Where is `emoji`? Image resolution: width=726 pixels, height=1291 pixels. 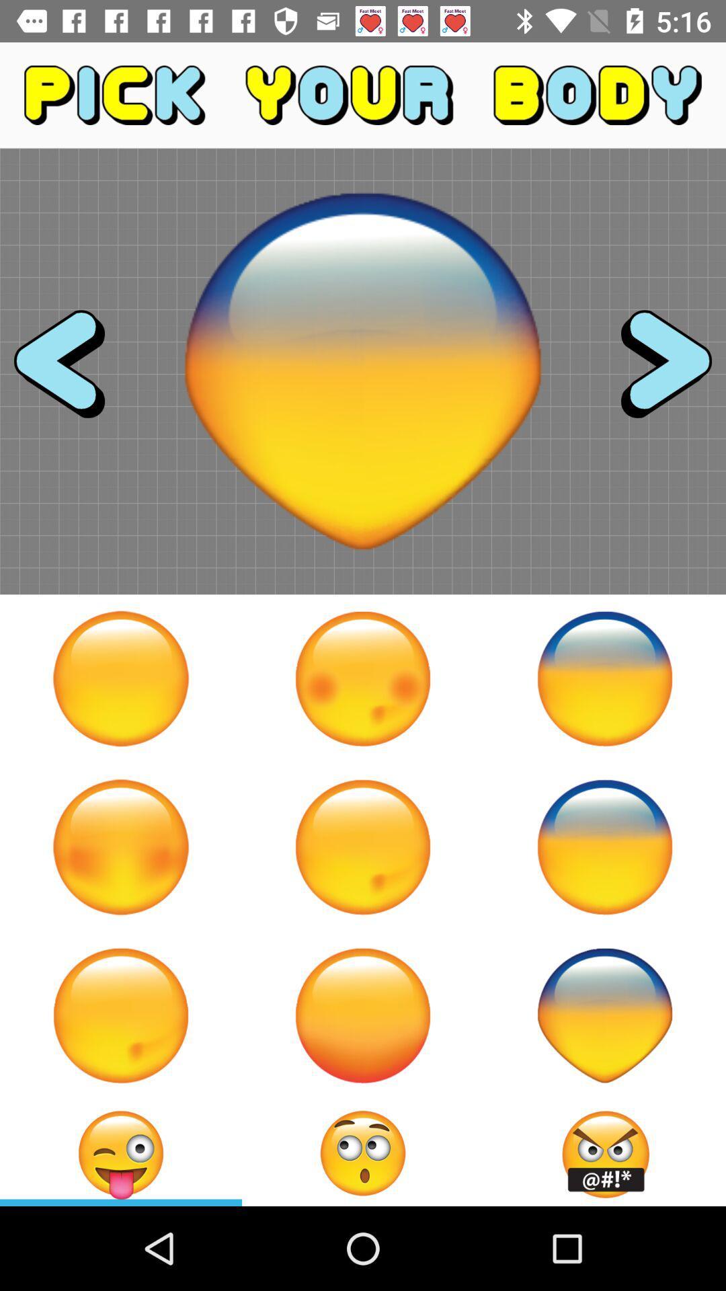 emoji is located at coordinates (604, 678).